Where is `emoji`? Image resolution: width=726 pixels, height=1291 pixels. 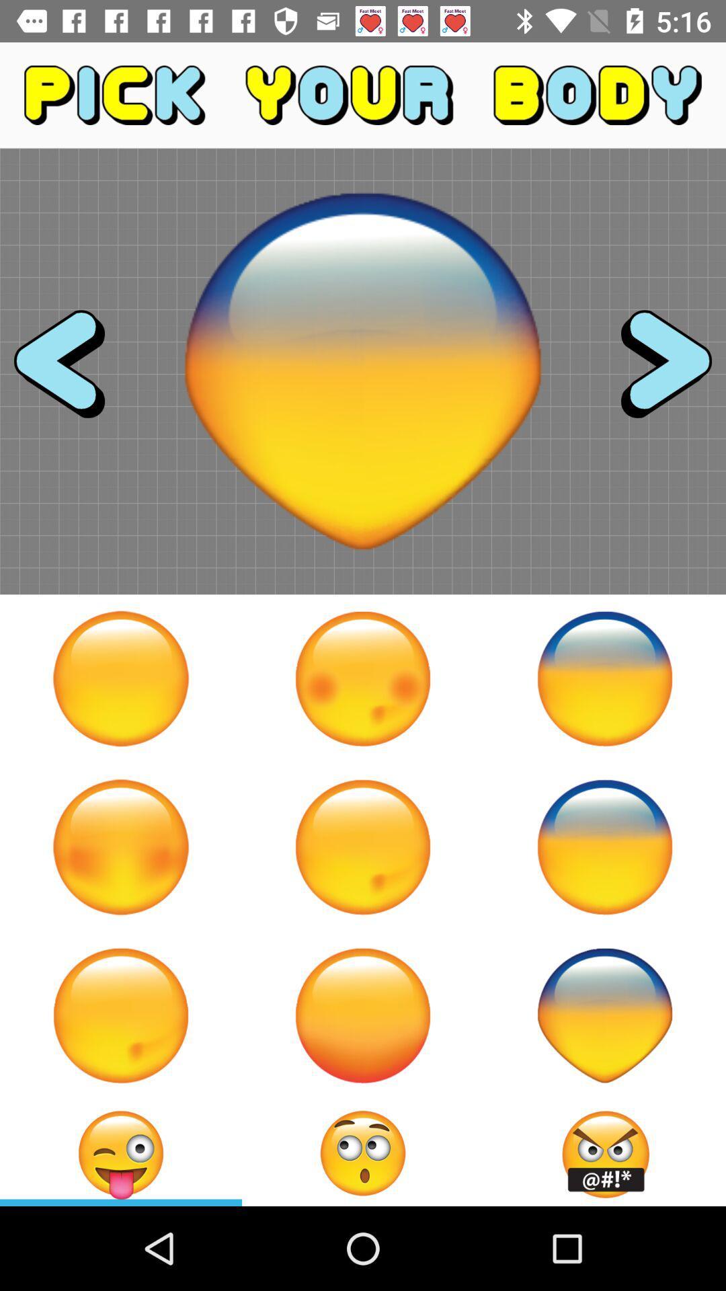 emoji is located at coordinates (604, 678).